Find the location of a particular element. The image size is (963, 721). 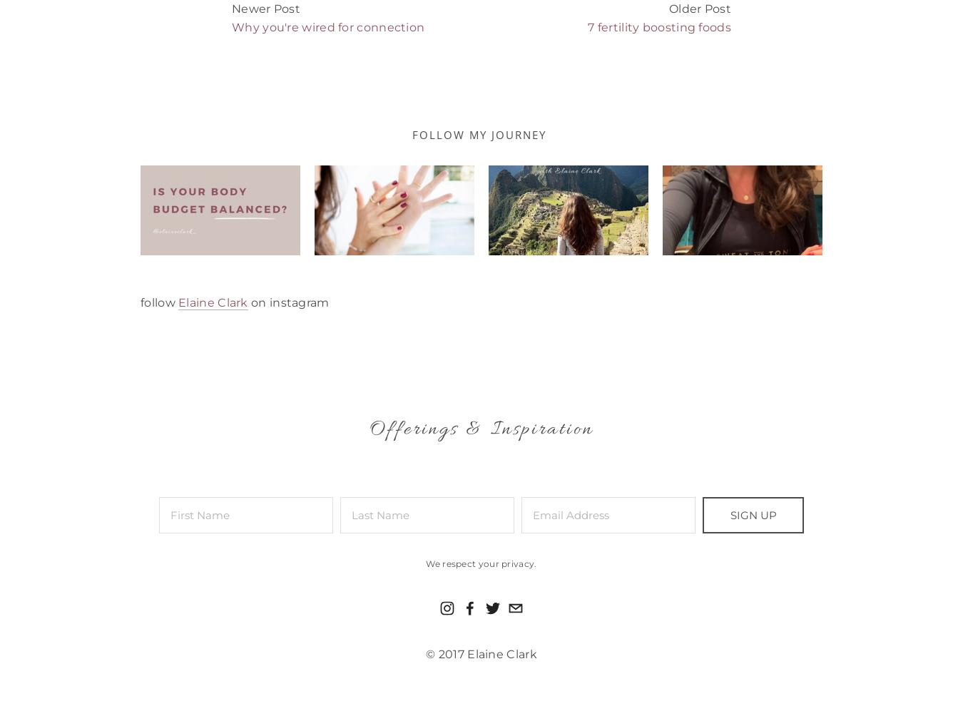

'Elaine Clark' is located at coordinates (178, 301).